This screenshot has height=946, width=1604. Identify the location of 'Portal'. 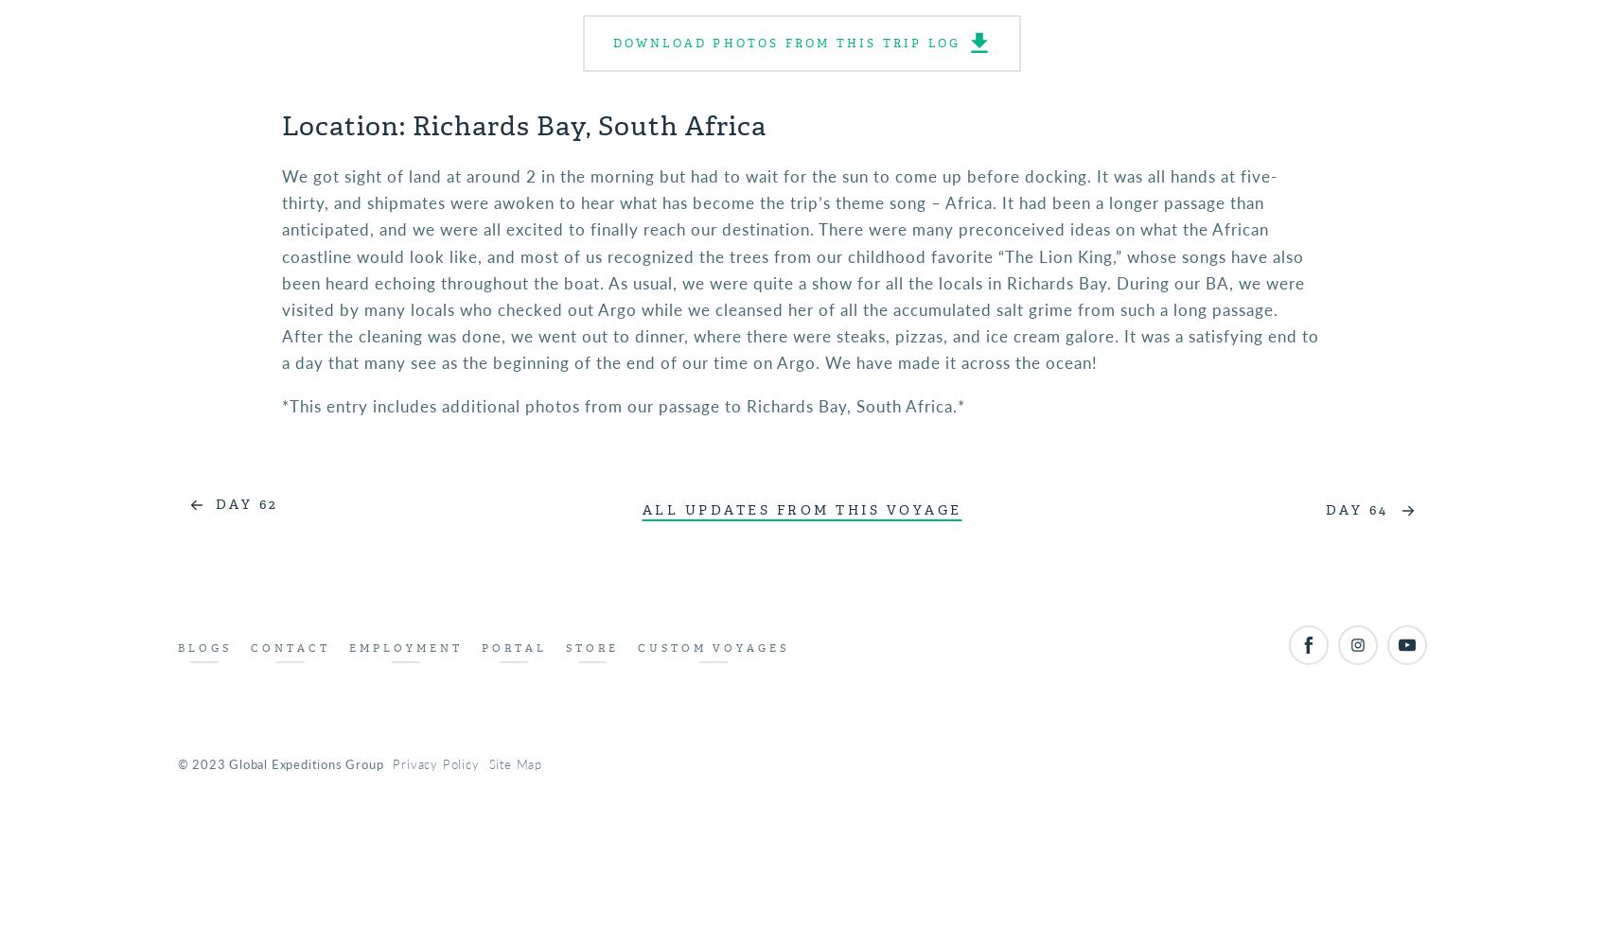
(513, 648).